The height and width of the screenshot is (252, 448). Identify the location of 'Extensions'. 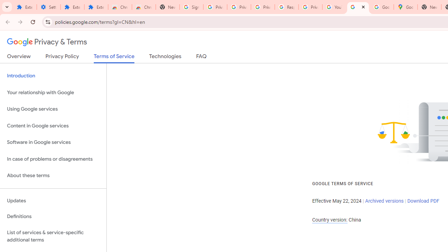
(72, 7).